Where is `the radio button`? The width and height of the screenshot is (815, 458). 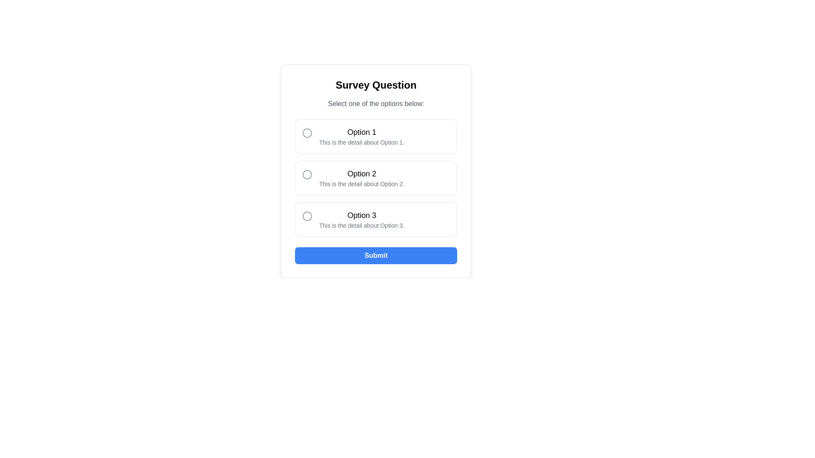
the radio button is located at coordinates (307, 174).